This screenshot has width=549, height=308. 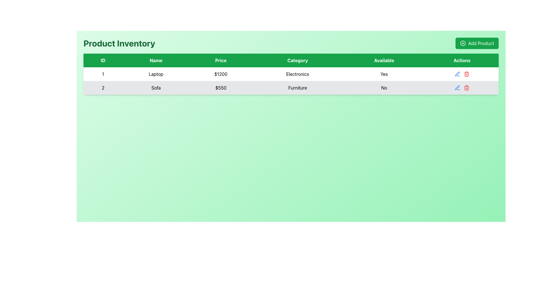 What do you see at coordinates (156, 88) in the screenshot?
I see `the text label that reads 'Sofa' in the second row under the 'Name' column of the table` at bounding box center [156, 88].